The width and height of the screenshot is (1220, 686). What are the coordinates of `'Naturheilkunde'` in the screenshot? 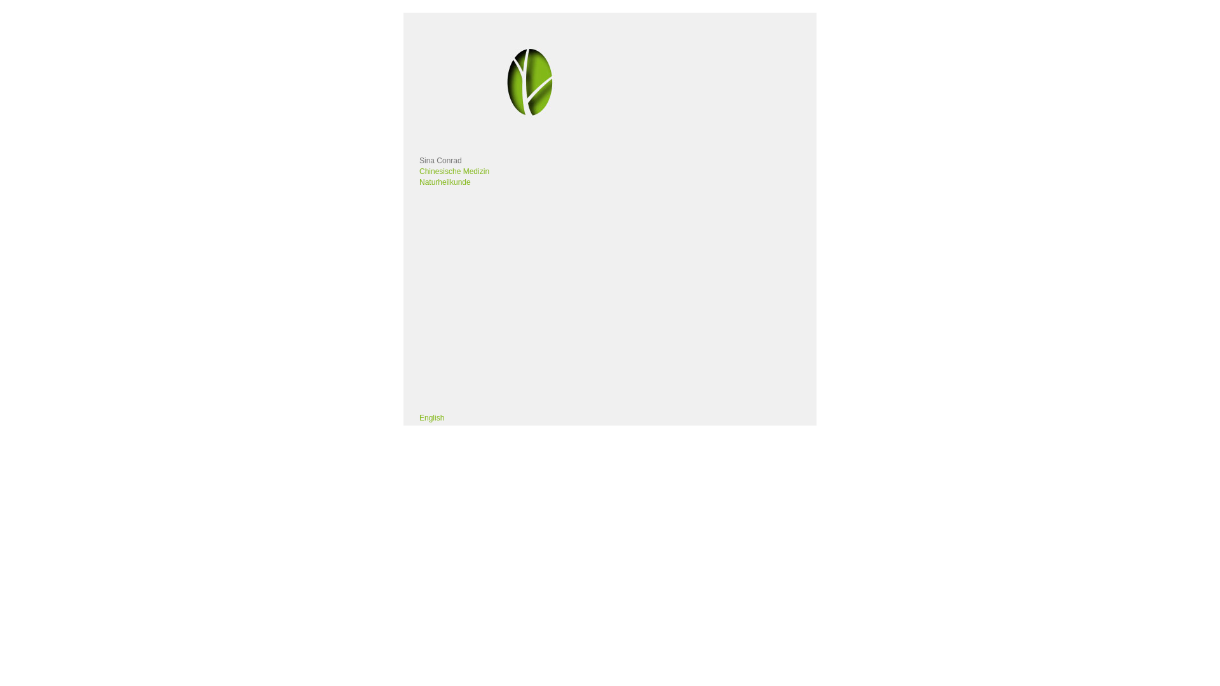 It's located at (445, 182).